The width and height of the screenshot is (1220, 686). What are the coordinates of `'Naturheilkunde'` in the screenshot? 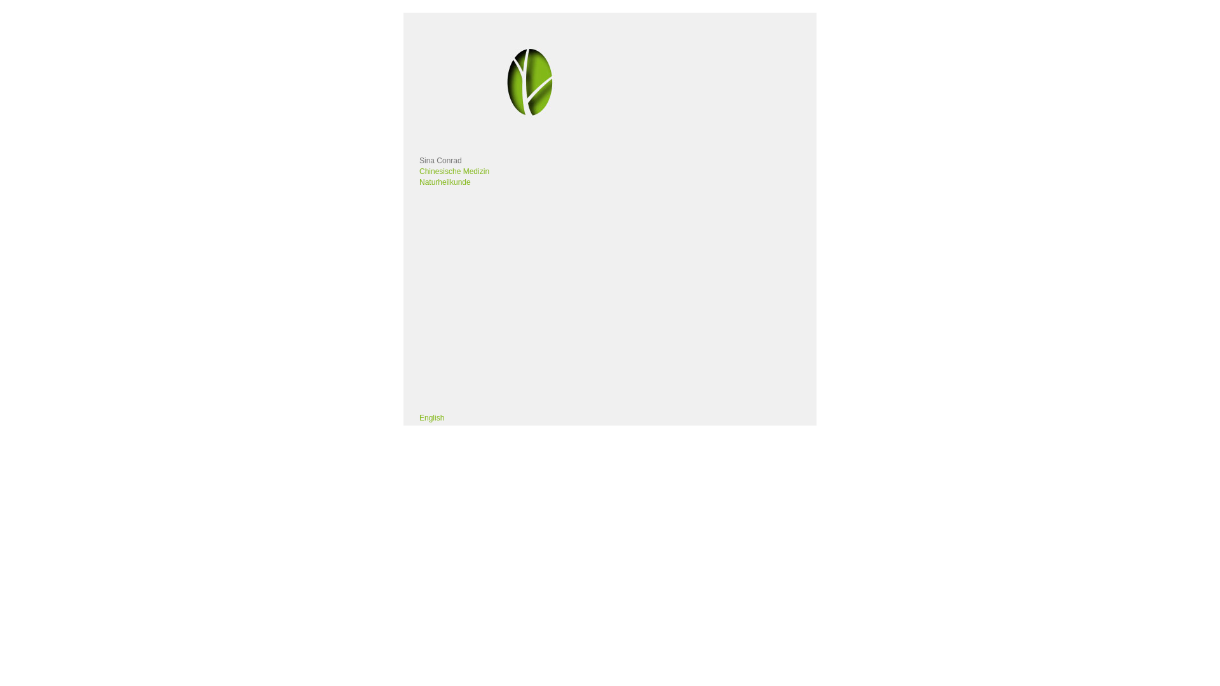 It's located at (445, 182).